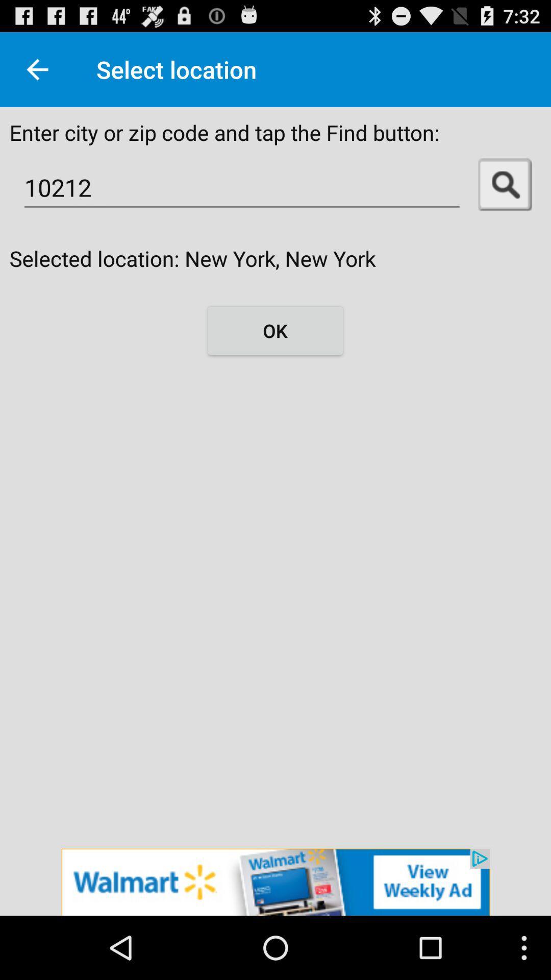  What do you see at coordinates (505, 184) in the screenshot?
I see `searce` at bounding box center [505, 184].